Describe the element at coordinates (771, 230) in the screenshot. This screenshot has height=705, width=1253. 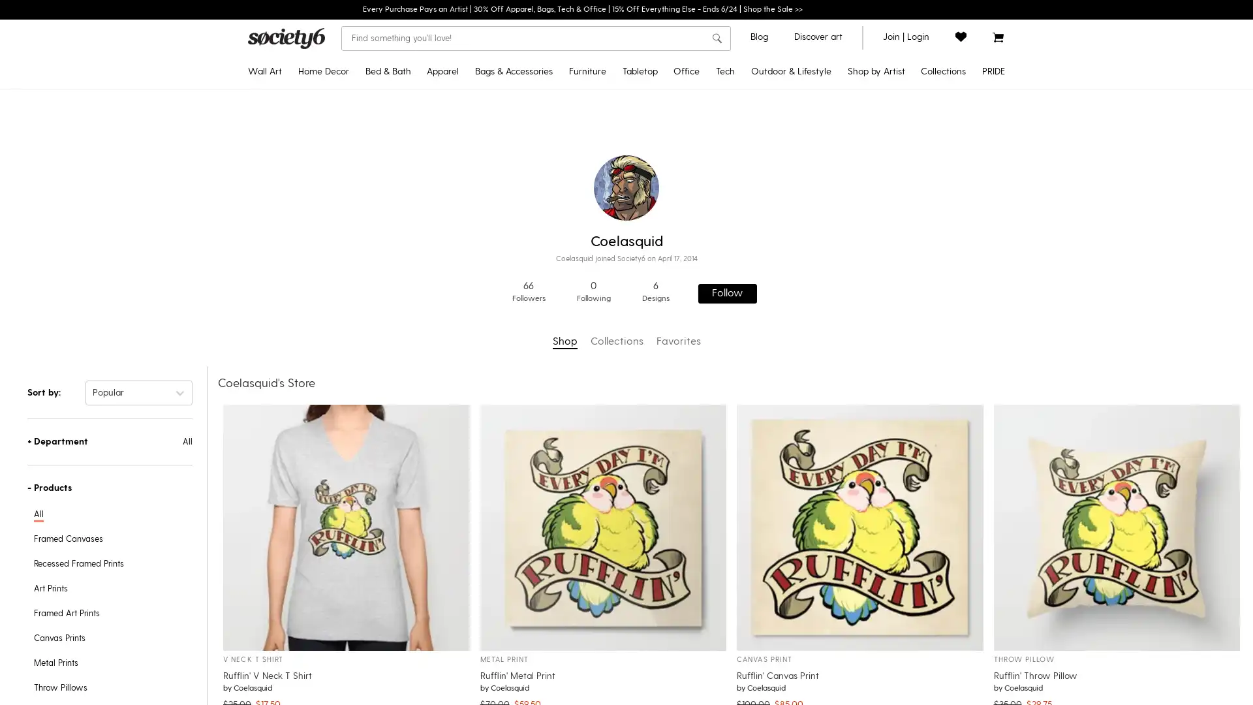
I see `iPad Folio Cases` at that location.